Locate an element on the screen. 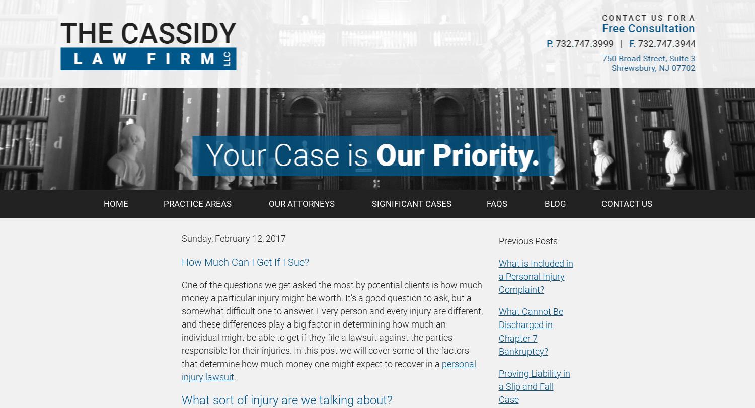 The image size is (755, 408). 'CONTACT US' is located at coordinates (626, 204).